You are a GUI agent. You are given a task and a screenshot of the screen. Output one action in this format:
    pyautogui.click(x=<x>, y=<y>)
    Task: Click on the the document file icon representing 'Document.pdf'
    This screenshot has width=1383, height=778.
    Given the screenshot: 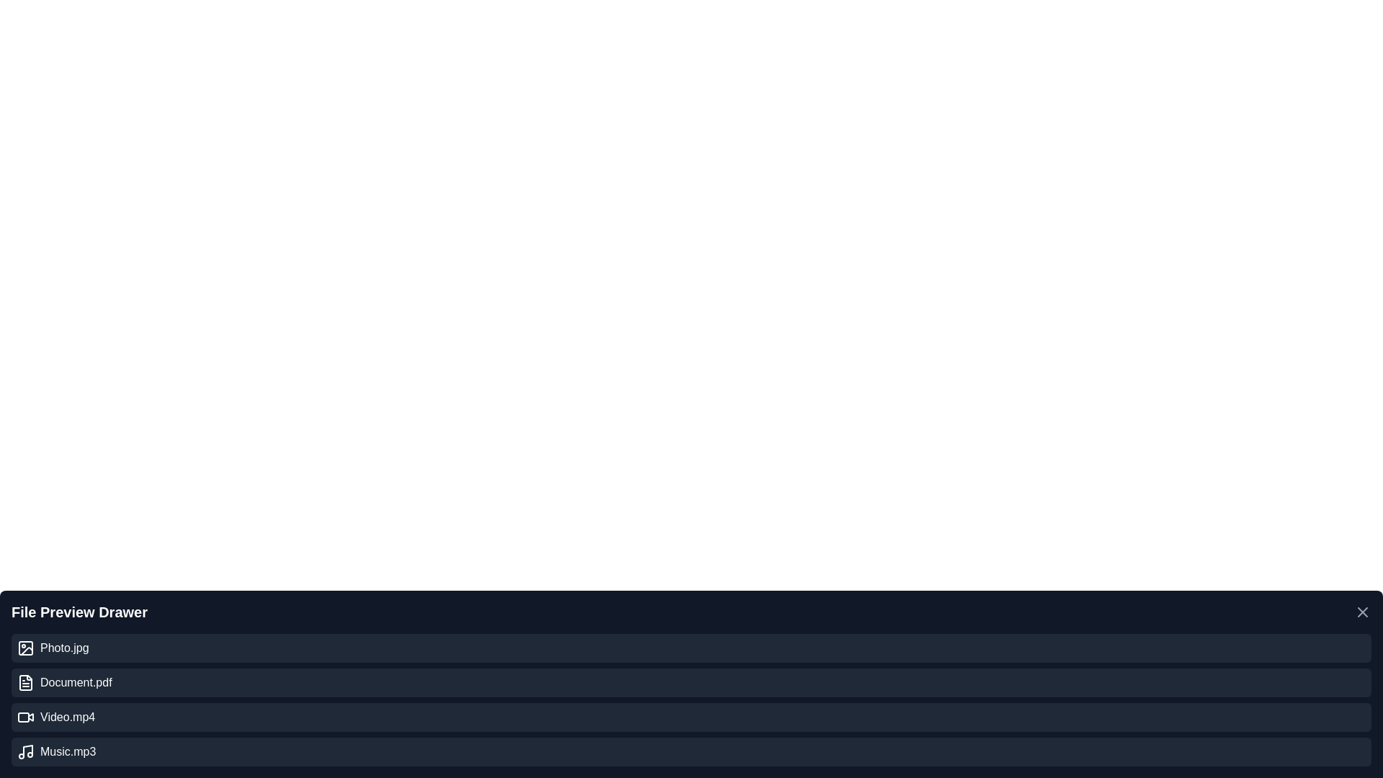 What is the action you would take?
    pyautogui.click(x=25, y=682)
    